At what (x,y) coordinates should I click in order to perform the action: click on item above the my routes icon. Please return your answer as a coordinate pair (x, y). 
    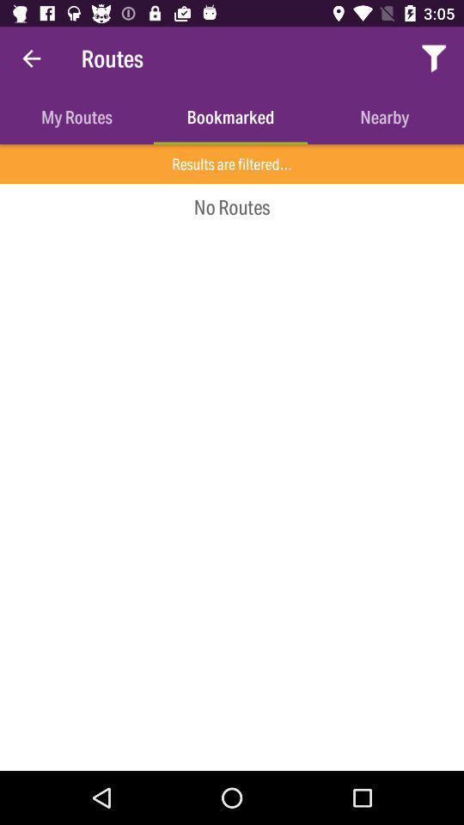
    Looking at the image, I should click on (31, 58).